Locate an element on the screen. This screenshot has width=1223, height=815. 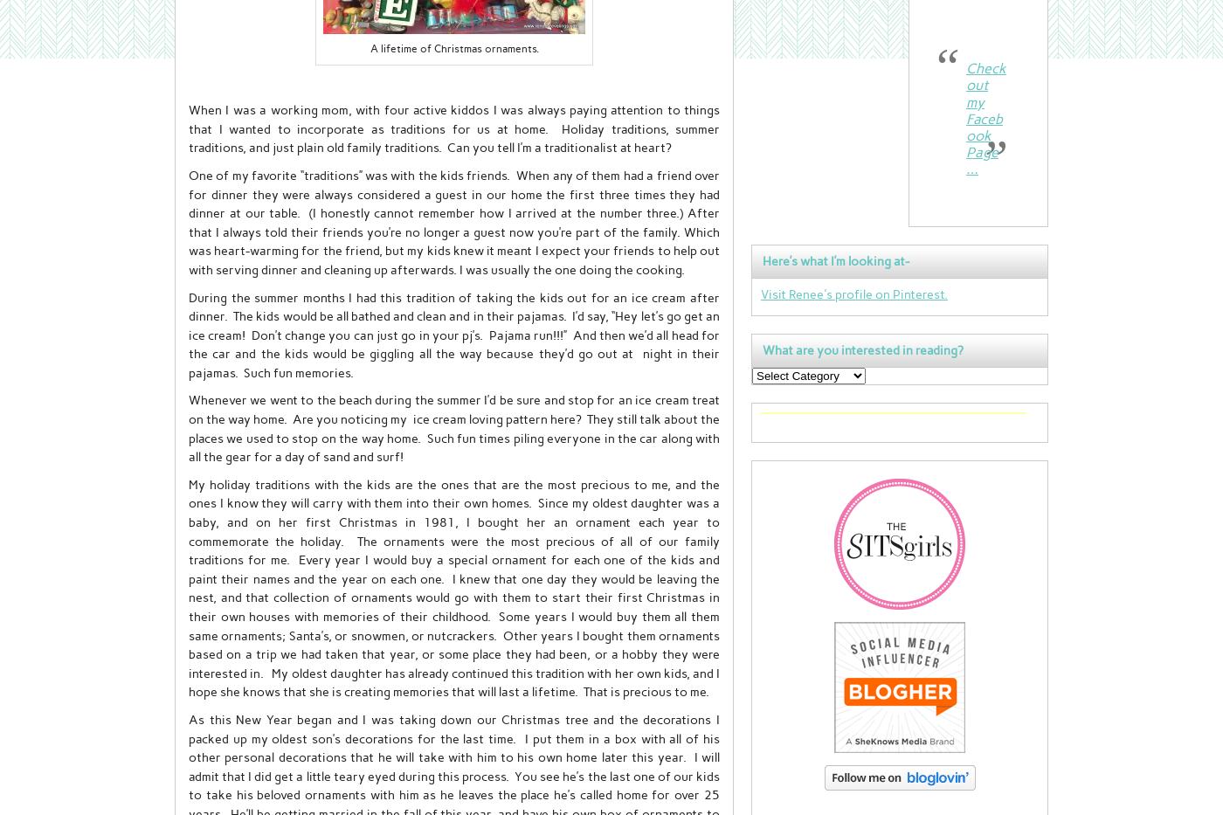
'Check out my Facebook Page…' is located at coordinates (985, 118).